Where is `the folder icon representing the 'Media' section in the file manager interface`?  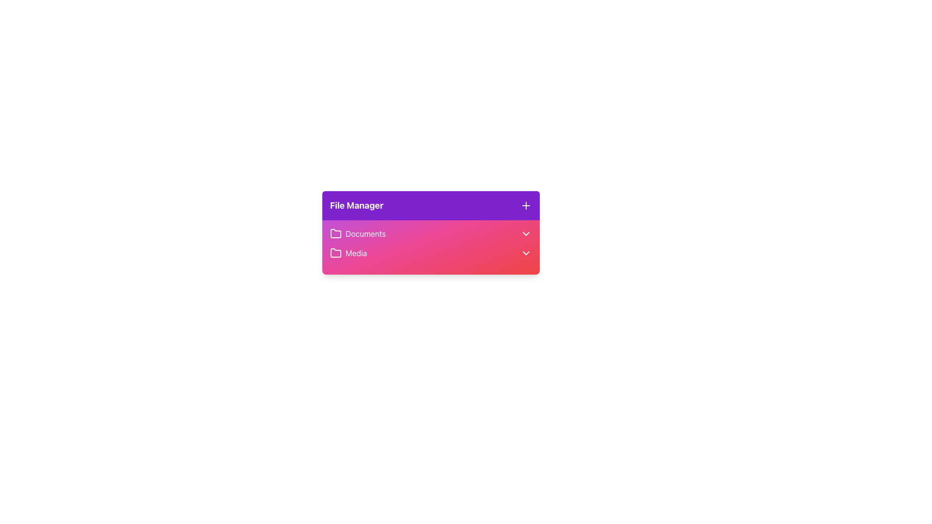
the folder icon representing the 'Media' section in the file manager interface is located at coordinates (335, 252).